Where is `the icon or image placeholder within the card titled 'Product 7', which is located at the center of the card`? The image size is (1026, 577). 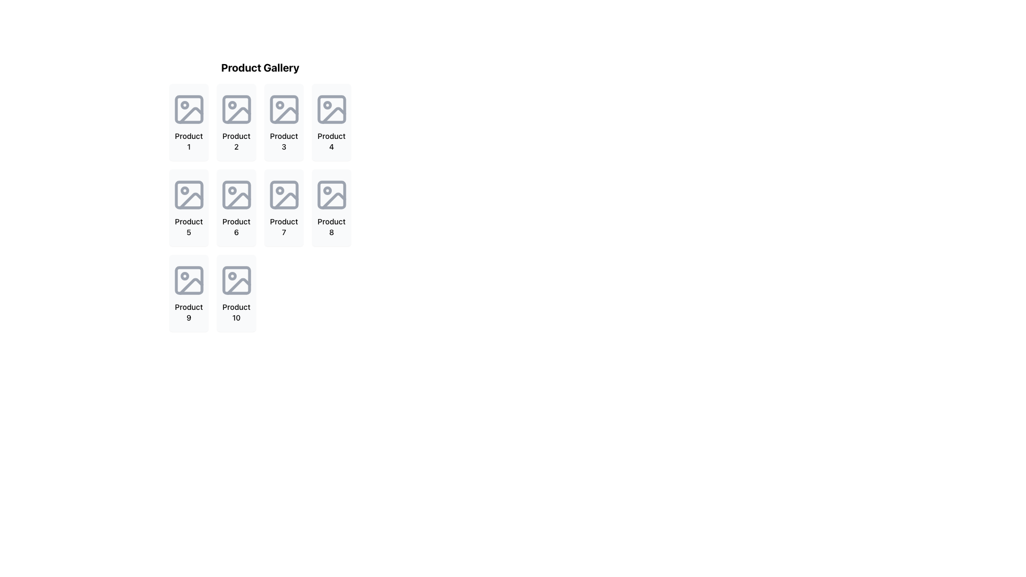
the icon or image placeholder within the card titled 'Product 7', which is located at the center of the card is located at coordinates (284, 195).